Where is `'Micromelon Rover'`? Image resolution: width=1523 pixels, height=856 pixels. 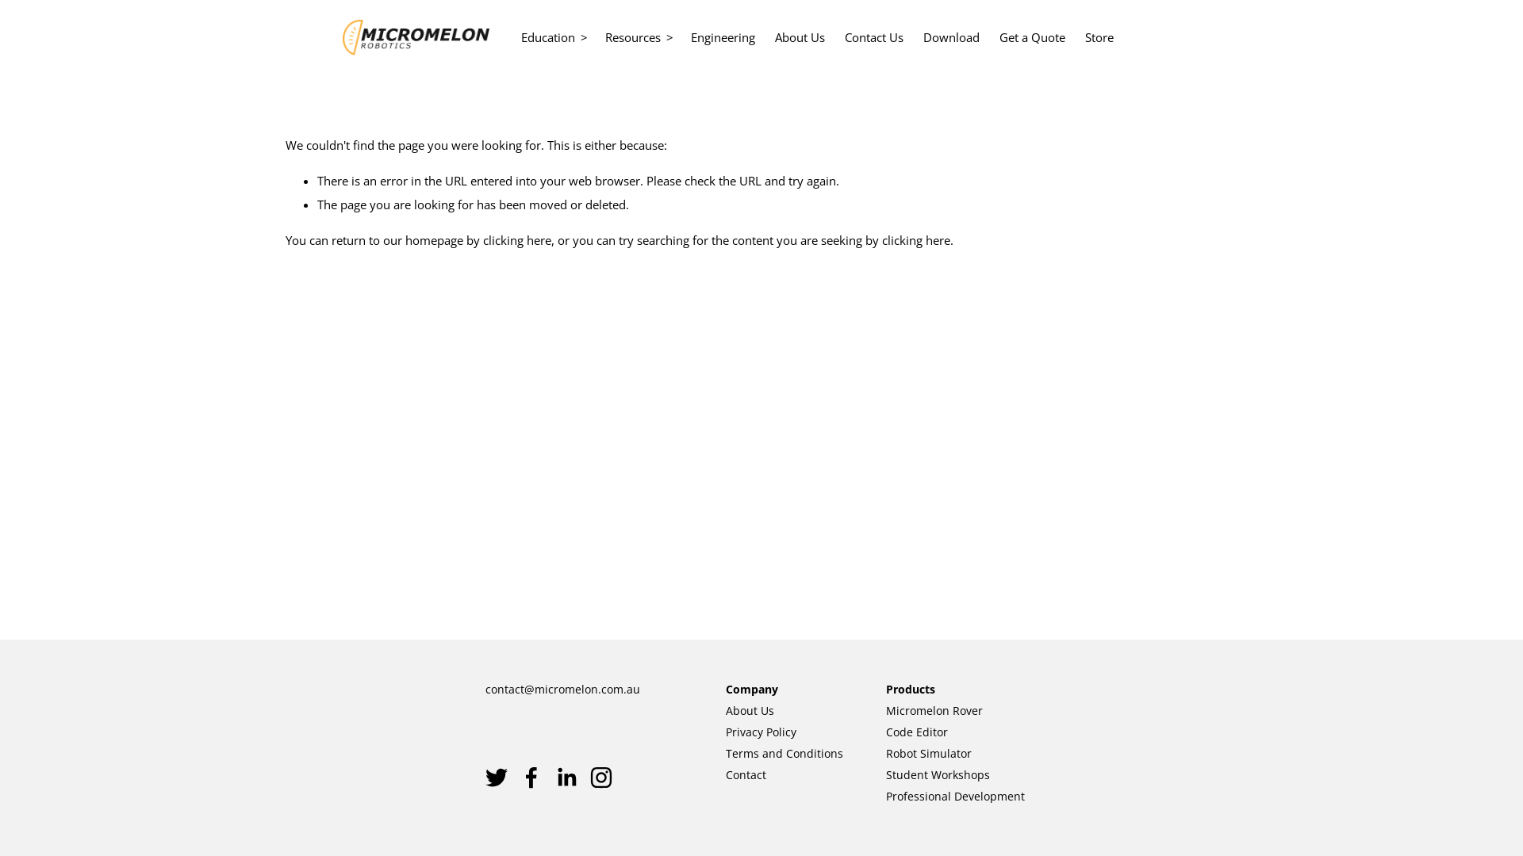
'Micromelon Rover' is located at coordinates (885, 710).